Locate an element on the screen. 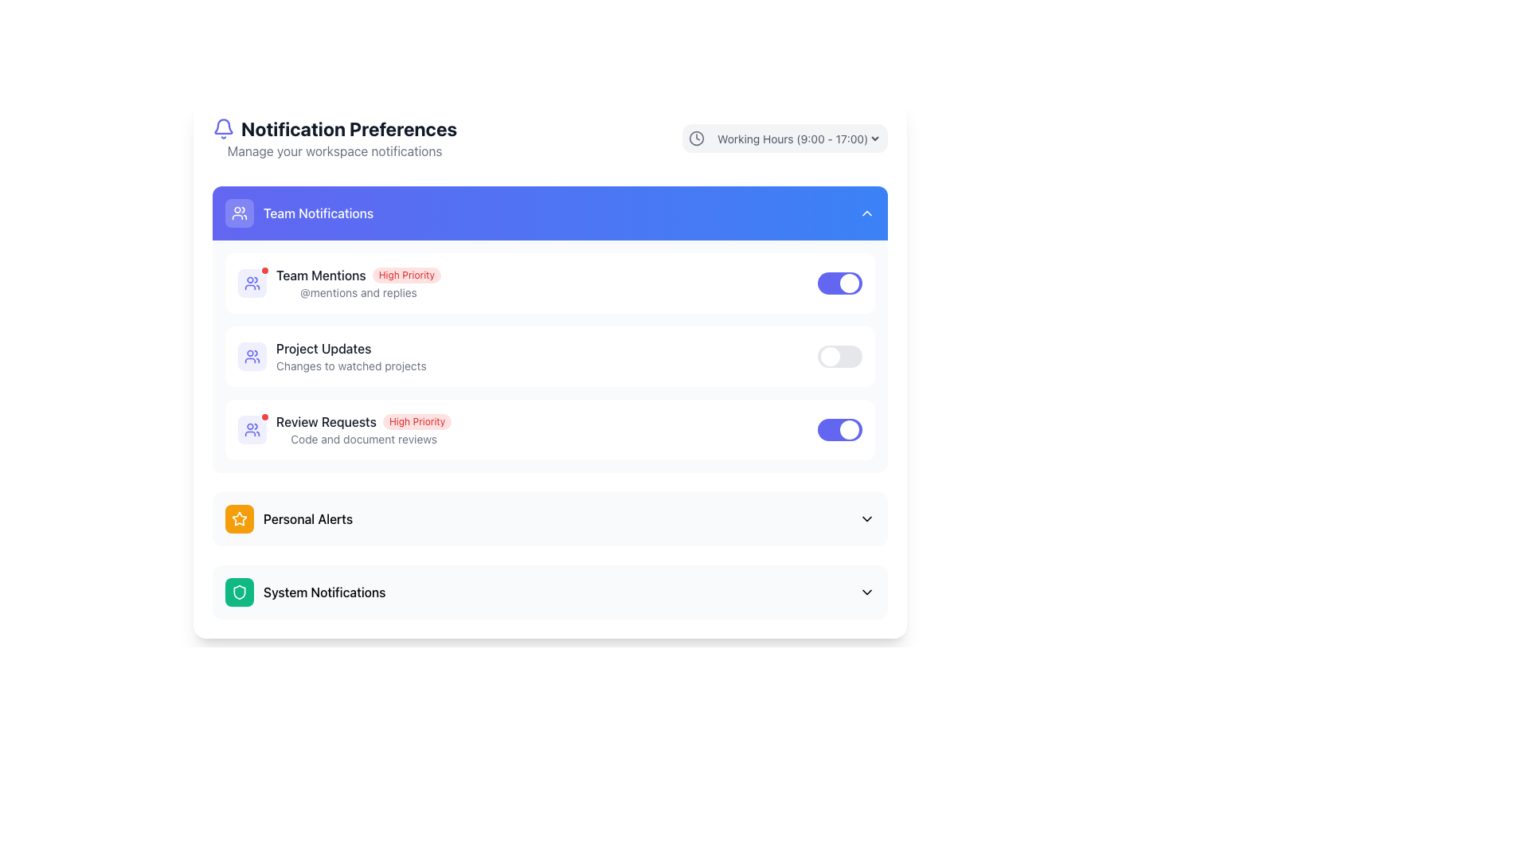 This screenshot has width=1529, height=860. 'Personal Alerts' text label located in the lower middle part of the interface under 'Team Notifications', which is styled with a medium font weight and is part of a horizontal layout with an amber-colored rounded rectangle and a white star icon to the left is located at coordinates (308, 518).